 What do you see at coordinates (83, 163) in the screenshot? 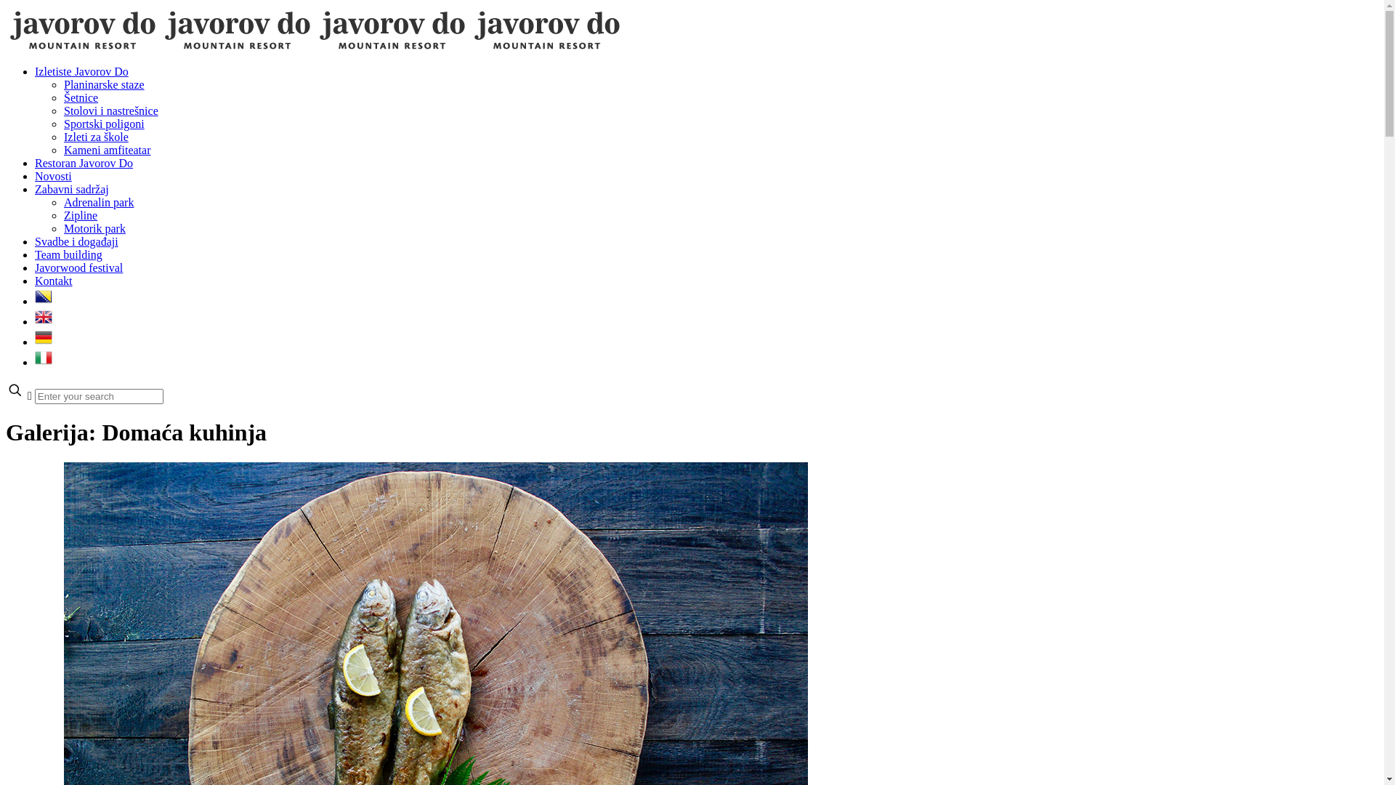
I see `'Restoran Javorov Do'` at bounding box center [83, 163].